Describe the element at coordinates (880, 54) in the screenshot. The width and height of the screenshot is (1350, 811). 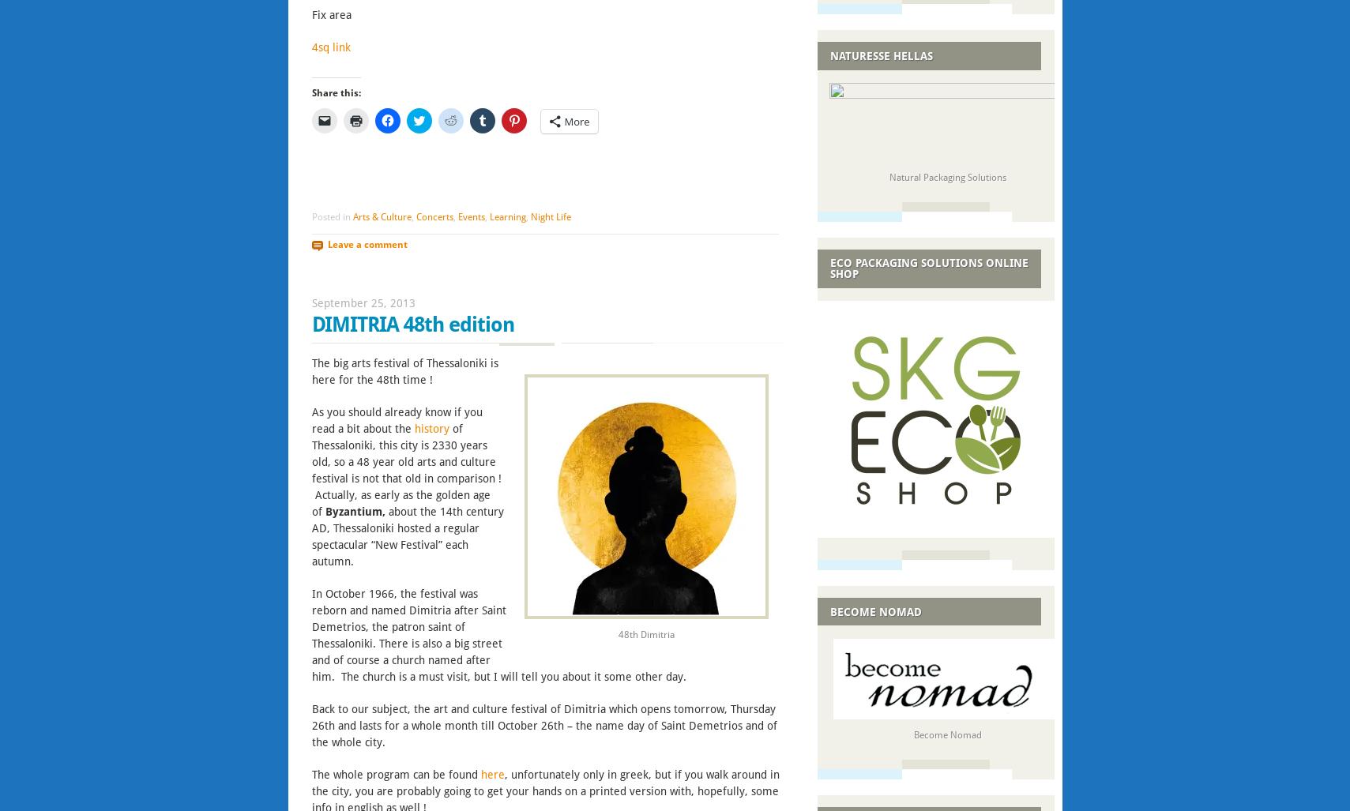
I see `'Naturesse Hellas'` at that location.